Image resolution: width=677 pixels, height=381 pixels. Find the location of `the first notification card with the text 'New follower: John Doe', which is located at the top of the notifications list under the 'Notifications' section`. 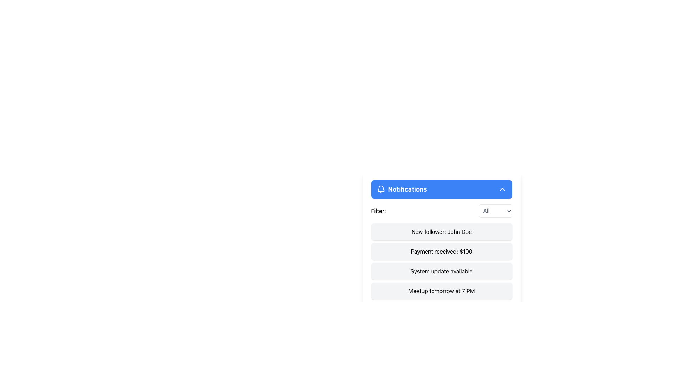

the first notification card with the text 'New follower: John Doe', which is located at the top of the notifications list under the 'Notifications' section is located at coordinates (441, 231).